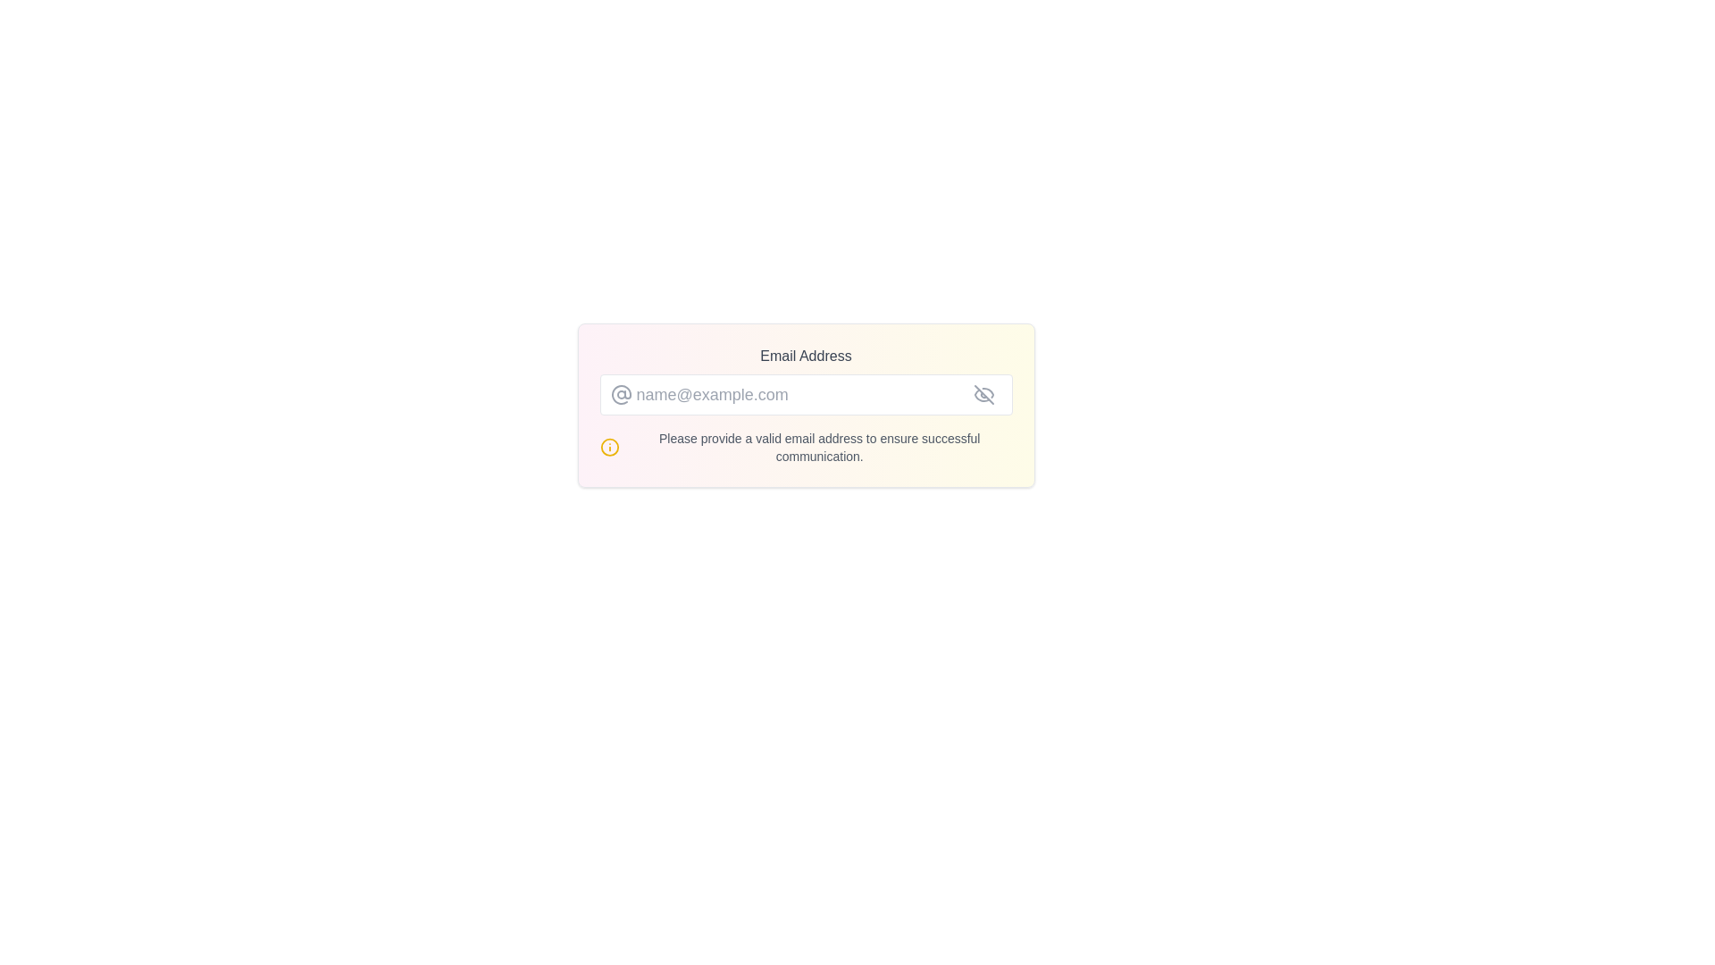 Image resolution: width=1715 pixels, height=965 pixels. I want to click on the eye-off icon button located at the right end of the email input field, so click(983, 394).